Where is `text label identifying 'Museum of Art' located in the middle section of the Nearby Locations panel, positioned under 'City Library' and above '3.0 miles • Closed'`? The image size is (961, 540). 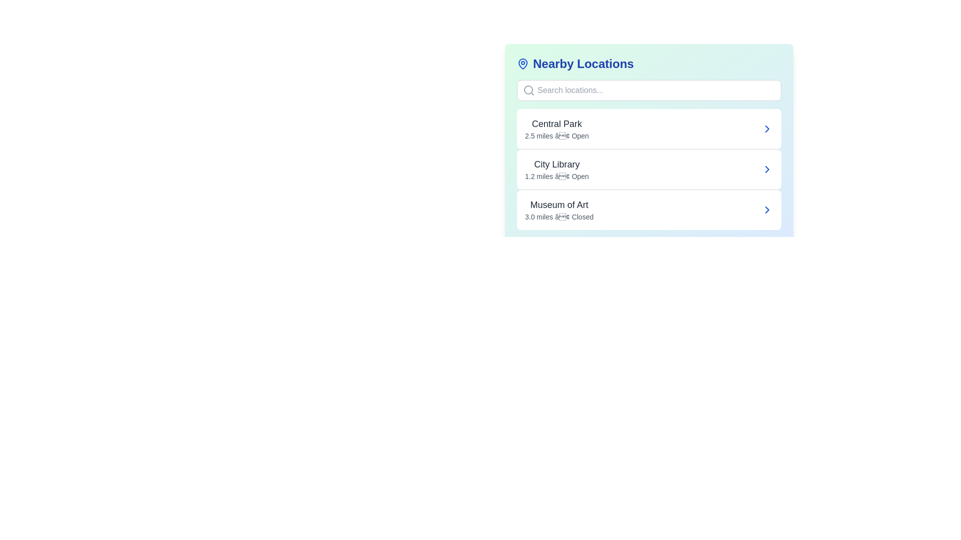 text label identifying 'Museum of Art' located in the middle section of the Nearby Locations panel, positioned under 'City Library' and above '3.0 miles • Closed' is located at coordinates (559, 204).